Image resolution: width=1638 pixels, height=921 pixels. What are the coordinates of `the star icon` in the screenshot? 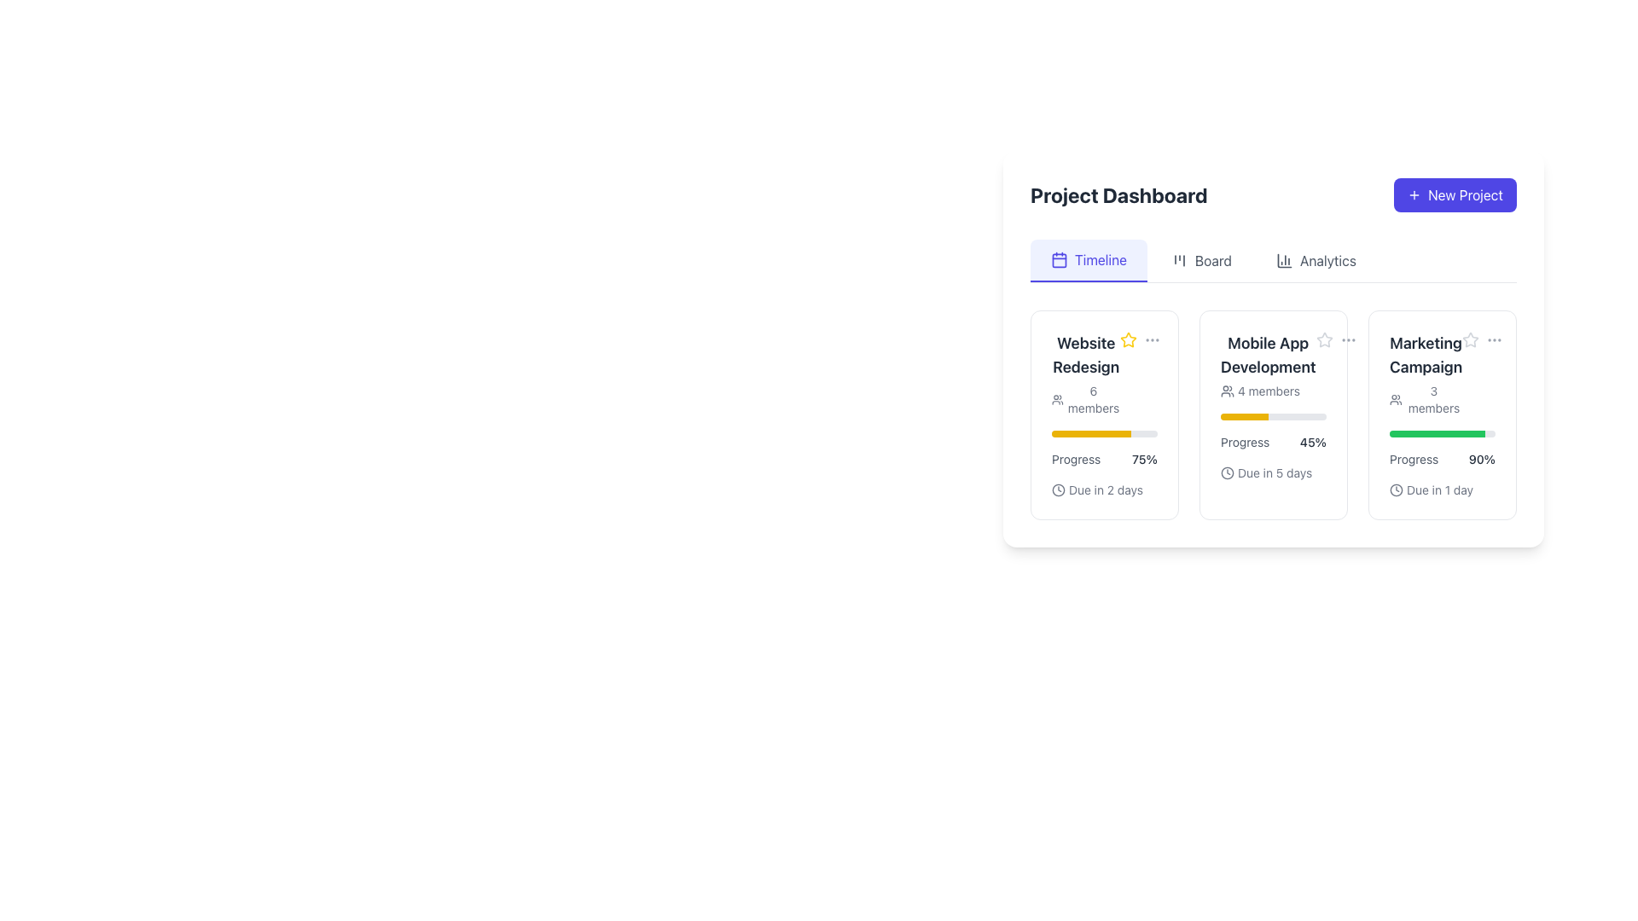 It's located at (1323, 339).